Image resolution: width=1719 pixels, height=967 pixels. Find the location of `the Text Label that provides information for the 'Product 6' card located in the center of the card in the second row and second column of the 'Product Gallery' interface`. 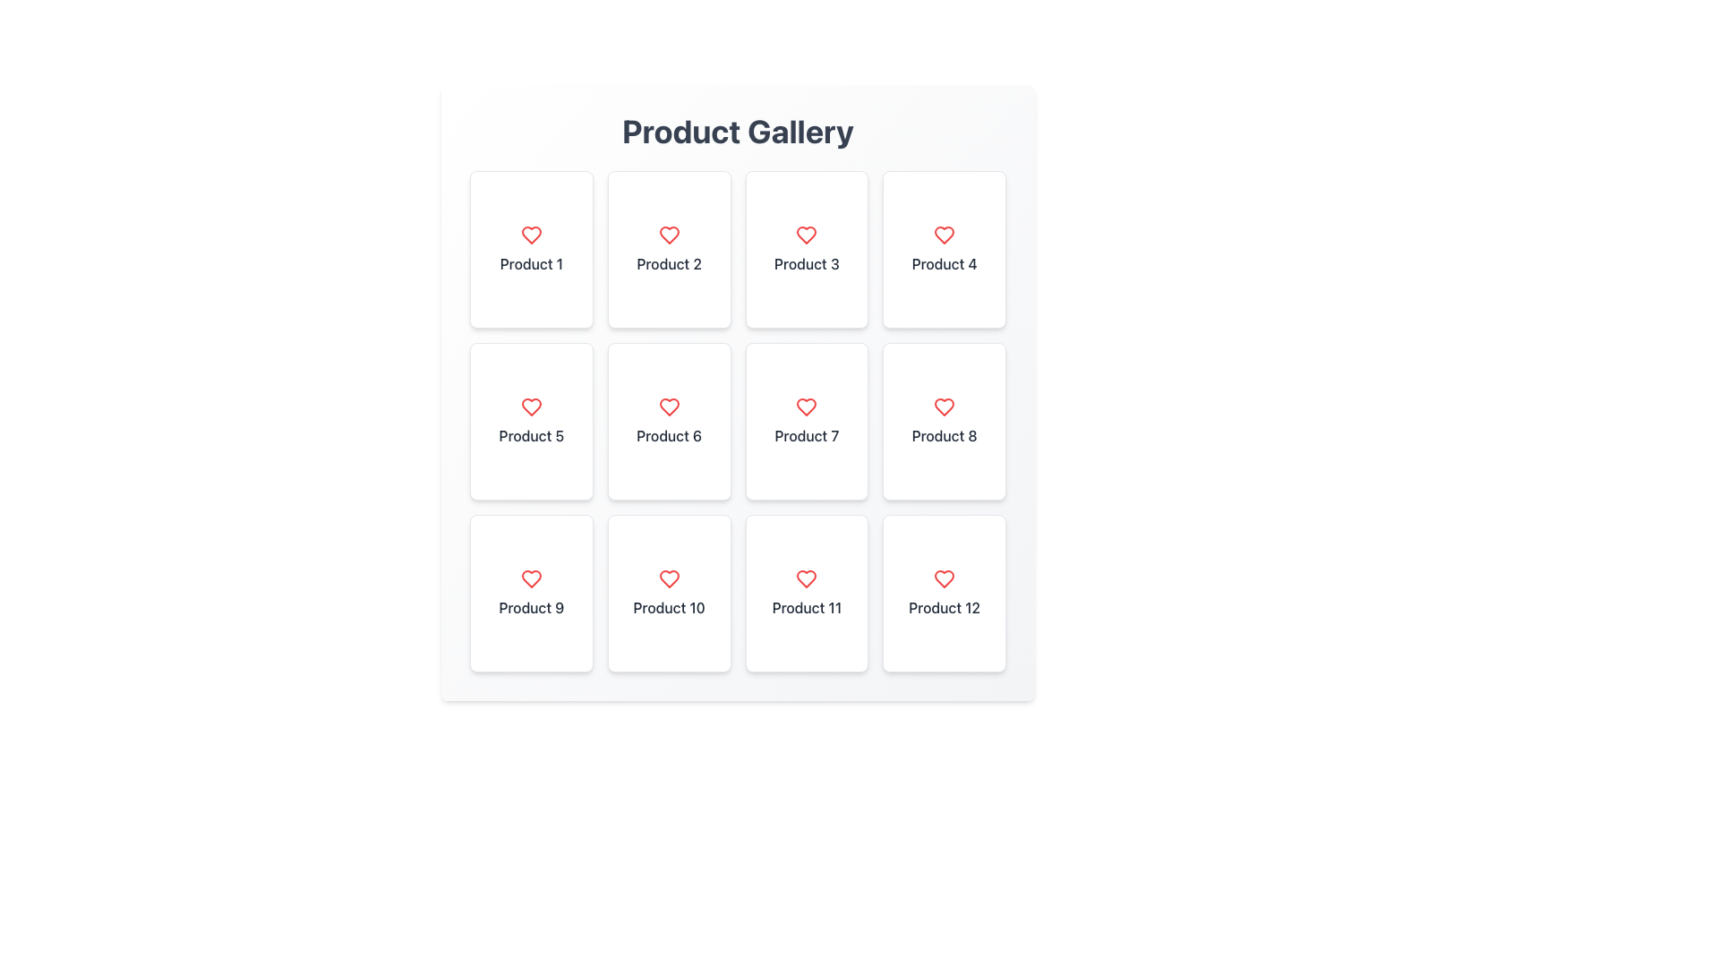

the Text Label that provides information for the 'Product 6' card located in the center of the card in the second row and second column of the 'Product Gallery' interface is located at coordinates (668, 435).